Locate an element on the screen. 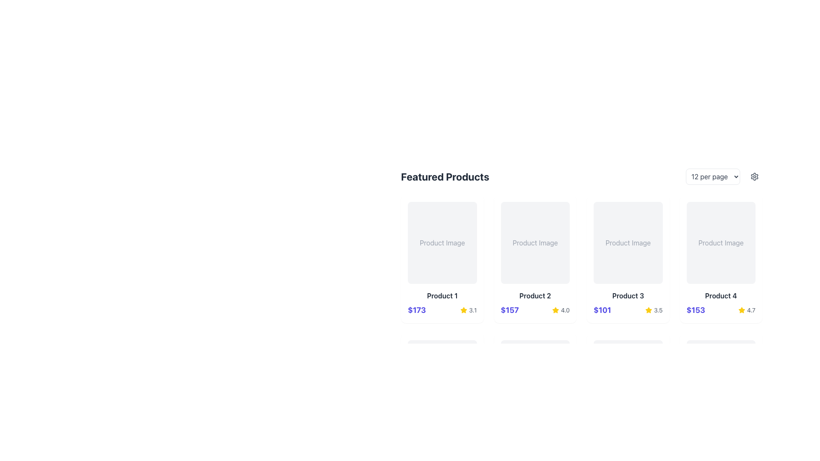 The width and height of the screenshot is (820, 461). text label identifying the product located below the image in the second card of the 'Featured Products' section is located at coordinates (535, 295).